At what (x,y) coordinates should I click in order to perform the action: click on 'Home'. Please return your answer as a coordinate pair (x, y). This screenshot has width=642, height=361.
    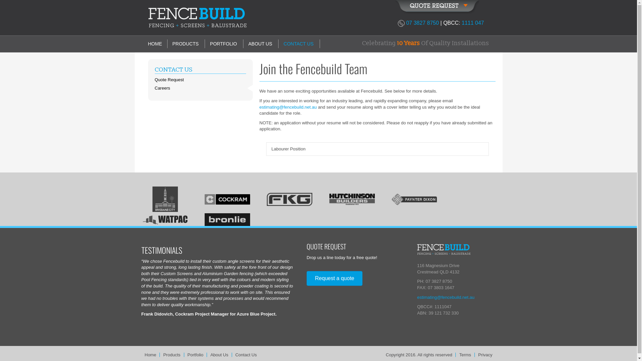
    Looking at the image, I should click on (141, 354).